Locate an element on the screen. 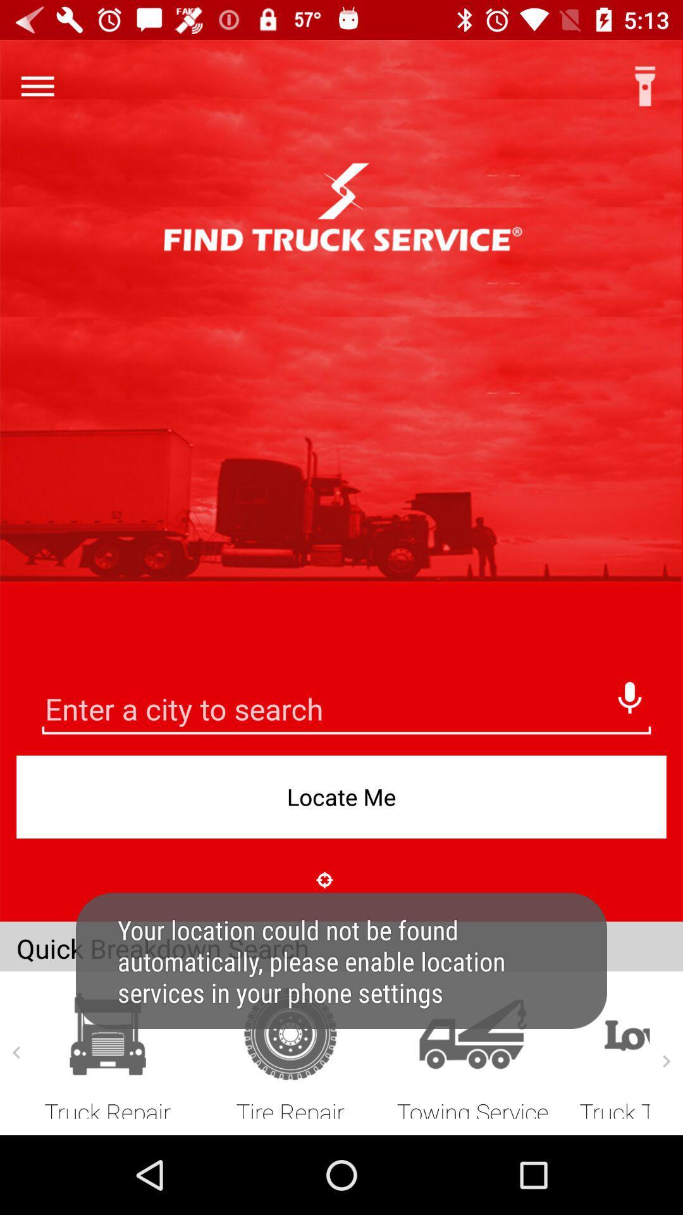  open settings is located at coordinates (37, 85).